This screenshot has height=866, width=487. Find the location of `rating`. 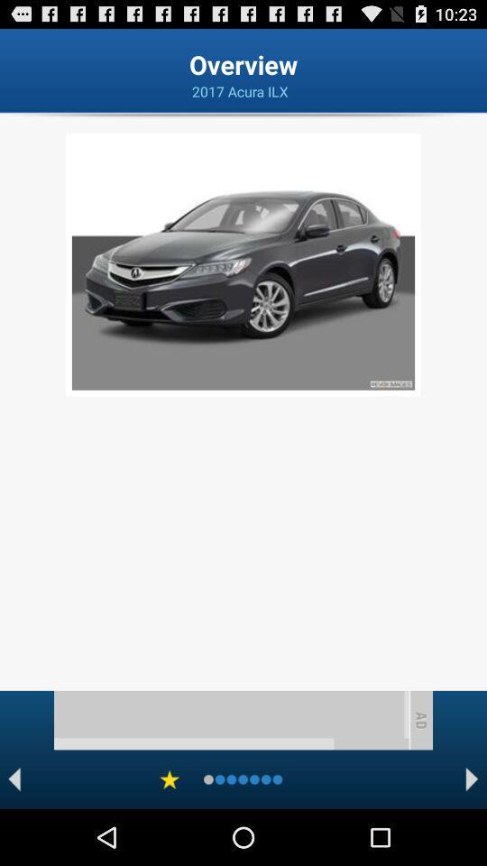

rating is located at coordinates (170, 778).